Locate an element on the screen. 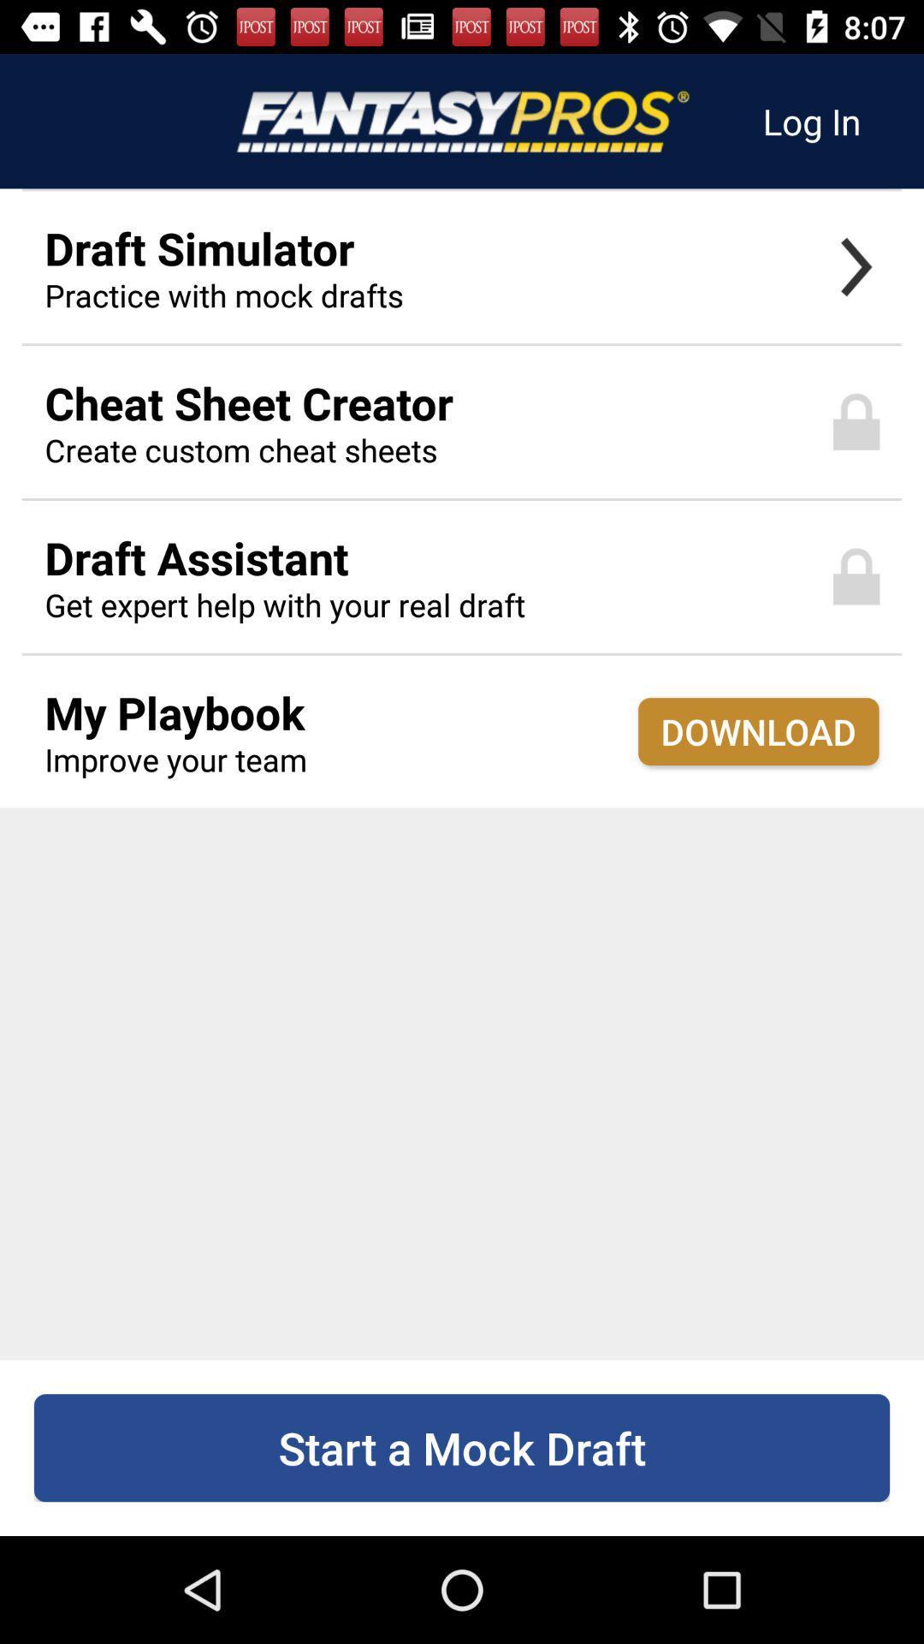 This screenshot has width=924, height=1644. start a mock draft option is located at coordinates (462, 1446).